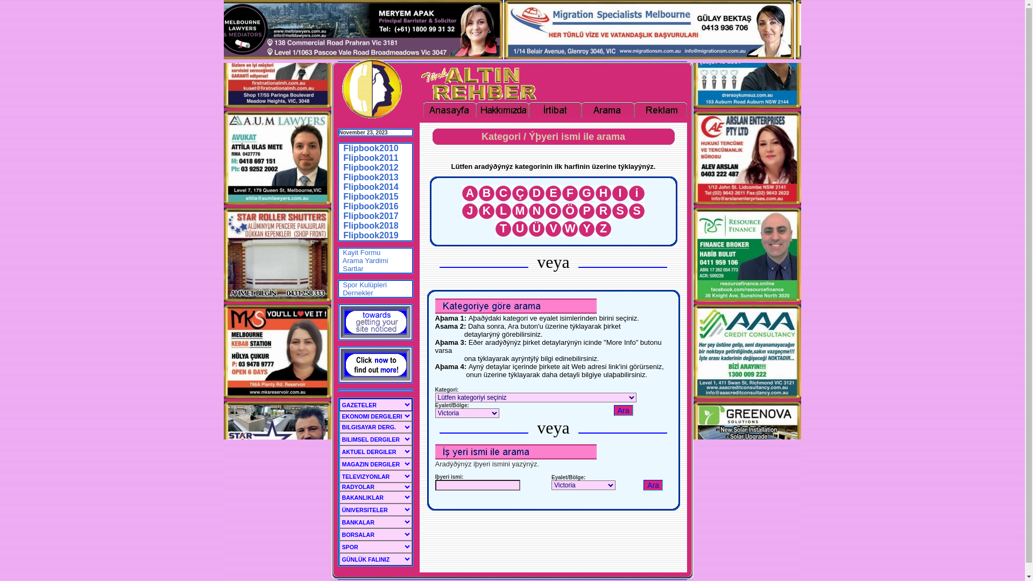  Describe the element at coordinates (633, 212) in the screenshot. I see `'S'` at that location.